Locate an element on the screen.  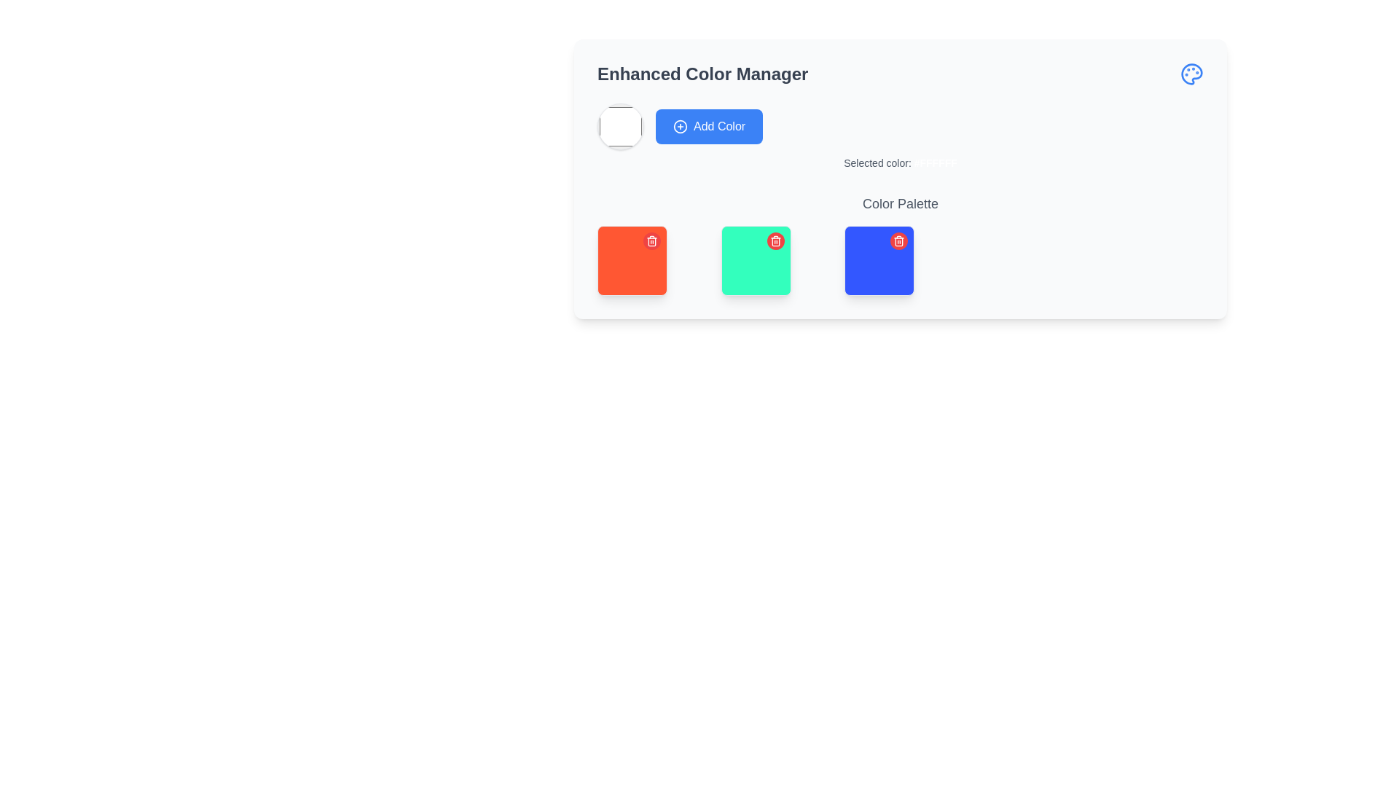
the Text display element that shows 'Selected color: #FFFFFF', which is positioned below the 'Add Color' section and displays the currently selected color is located at coordinates (900, 163).